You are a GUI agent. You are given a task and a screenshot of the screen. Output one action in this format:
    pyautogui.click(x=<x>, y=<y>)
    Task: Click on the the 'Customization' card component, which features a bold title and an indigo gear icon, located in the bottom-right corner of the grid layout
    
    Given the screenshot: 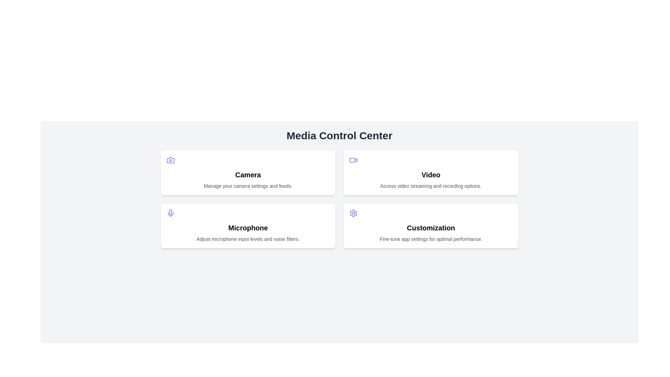 What is the action you would take?
    pyautogui.click(x=430, y=226)
    